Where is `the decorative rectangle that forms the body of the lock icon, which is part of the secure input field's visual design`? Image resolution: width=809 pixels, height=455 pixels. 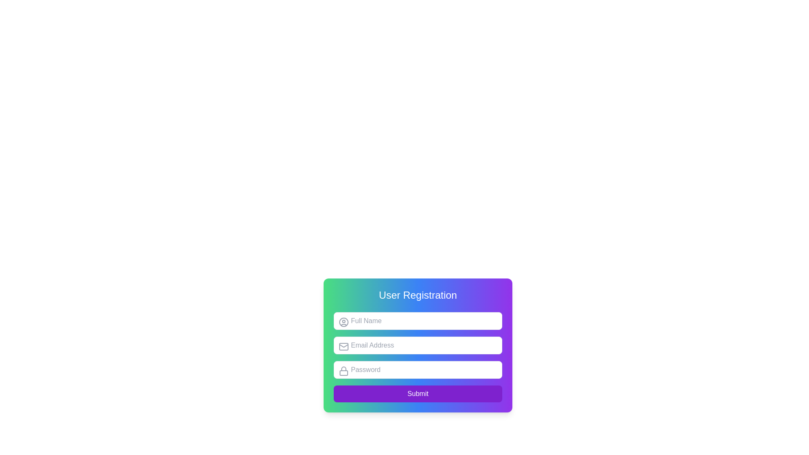 the decorative rectangle that forms the body of the lock icon, which is part of the secure input field's visual design is located at coordinates (344, 372).